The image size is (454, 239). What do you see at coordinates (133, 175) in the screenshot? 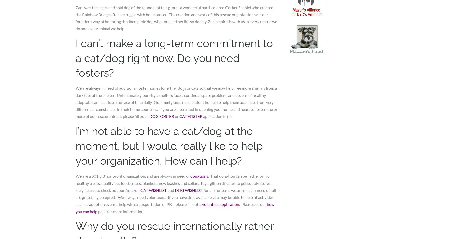
I see `'We are a 501(c)3 nonprofit organization, and are always in need of'` at bounding box center [133, 175].